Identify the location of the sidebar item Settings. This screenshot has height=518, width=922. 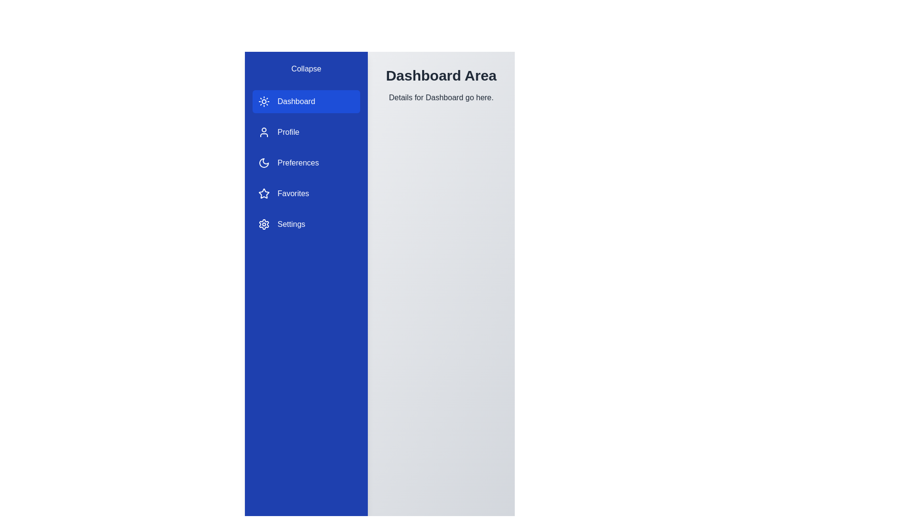
(306, 224).